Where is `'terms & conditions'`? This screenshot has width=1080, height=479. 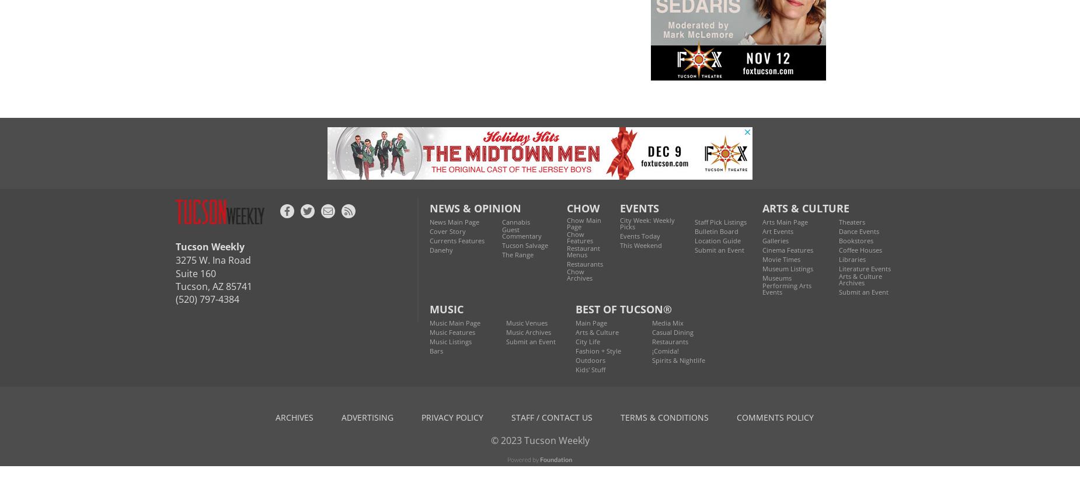 'terms & conditions' is located at coordinates (664, 417).